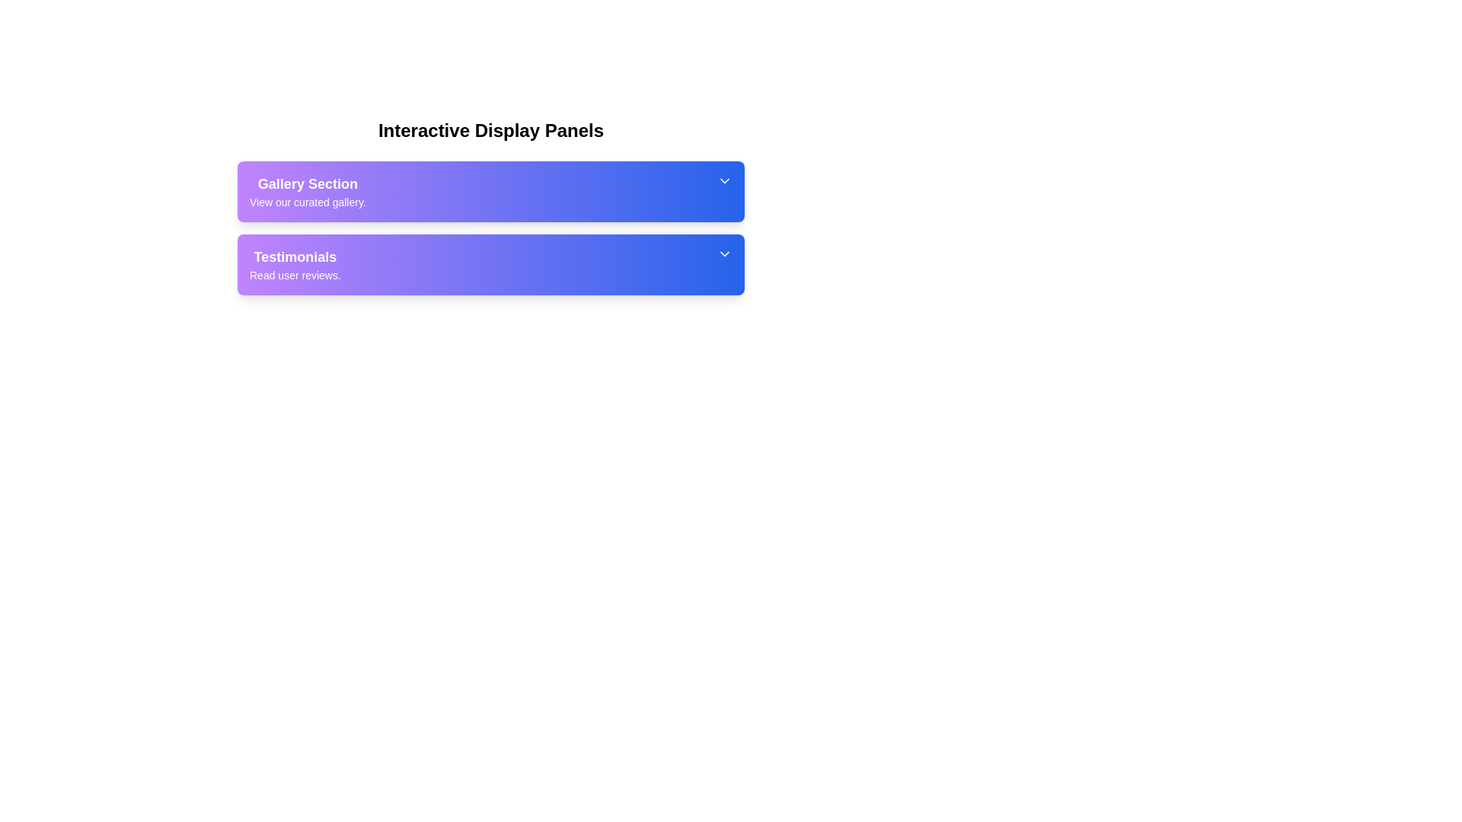  What do you see at coordinates (295, 263) in the screenshot?
I see `contents of the text block labeled 'Testimonials' which displays user reviews, styled with white text on a gradient purple-to-blue background` at bounding box center [295, 263].